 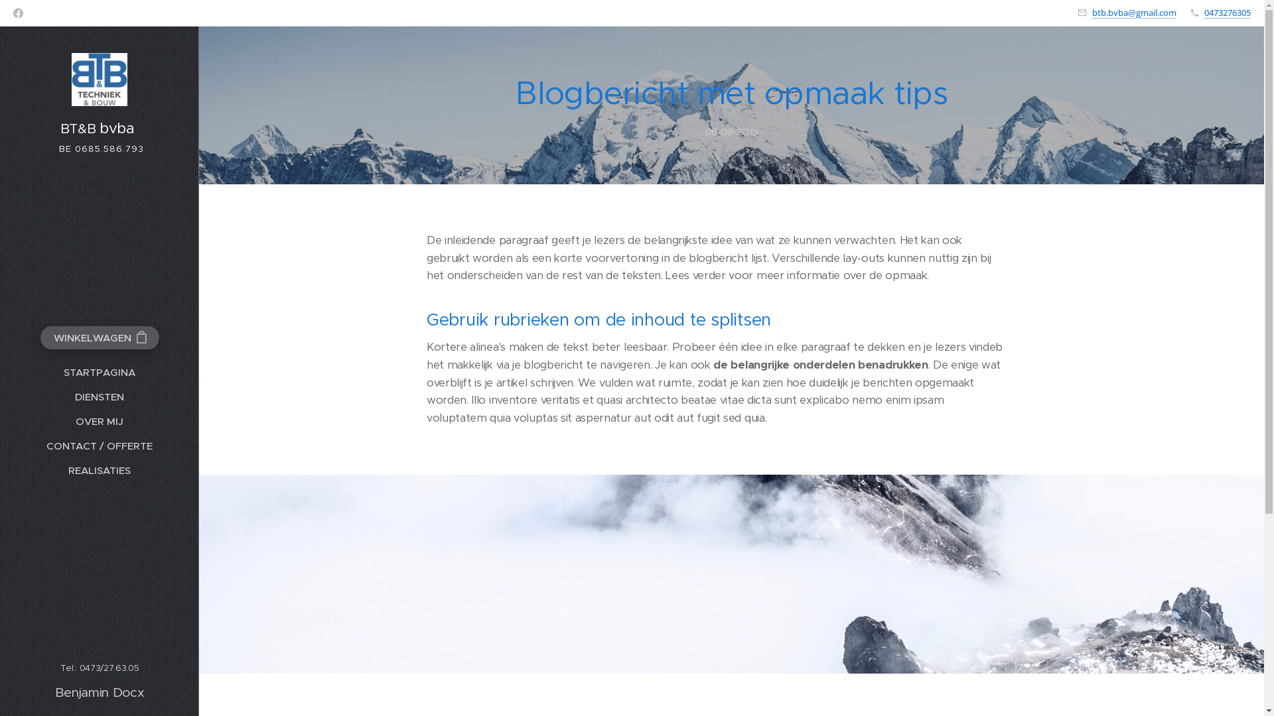 What do you see at coordinates (98, 396) in the screenshot?
I see `'DIENSTEN'` at bounding box center [98, 396].